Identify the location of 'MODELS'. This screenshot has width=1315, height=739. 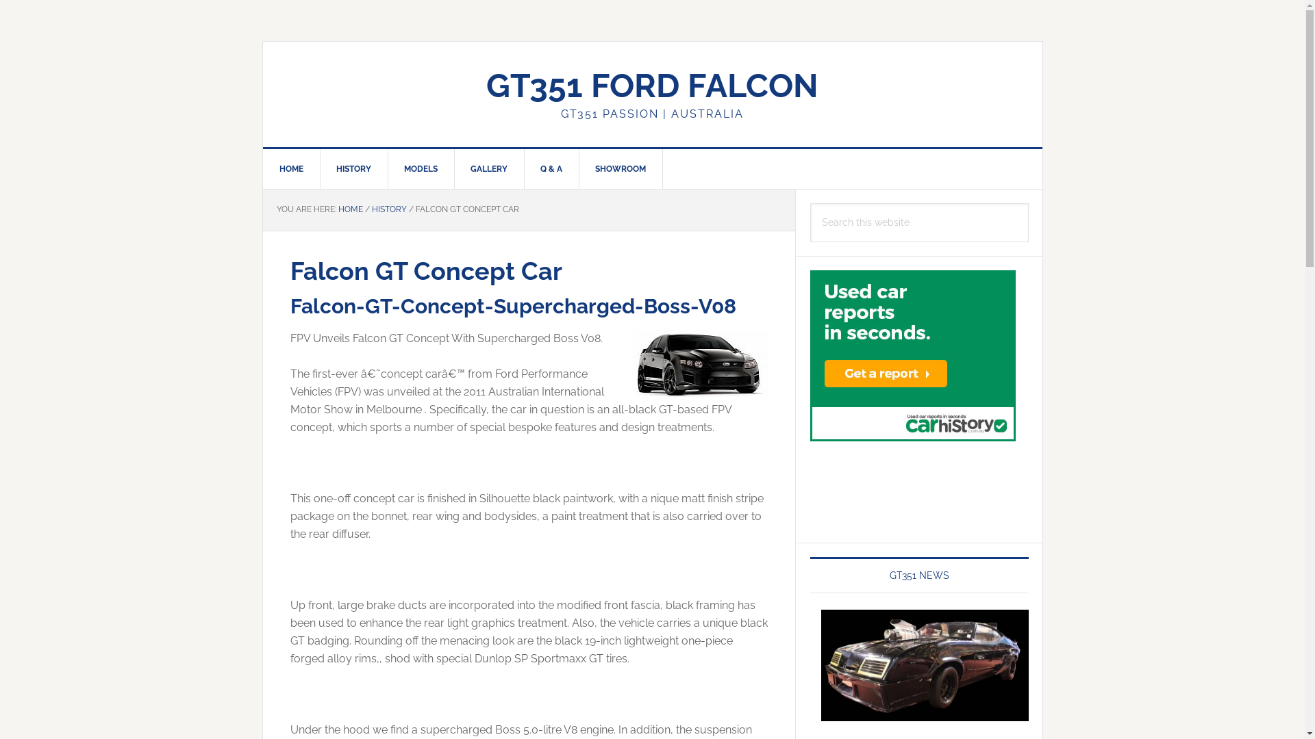
(420, 168).